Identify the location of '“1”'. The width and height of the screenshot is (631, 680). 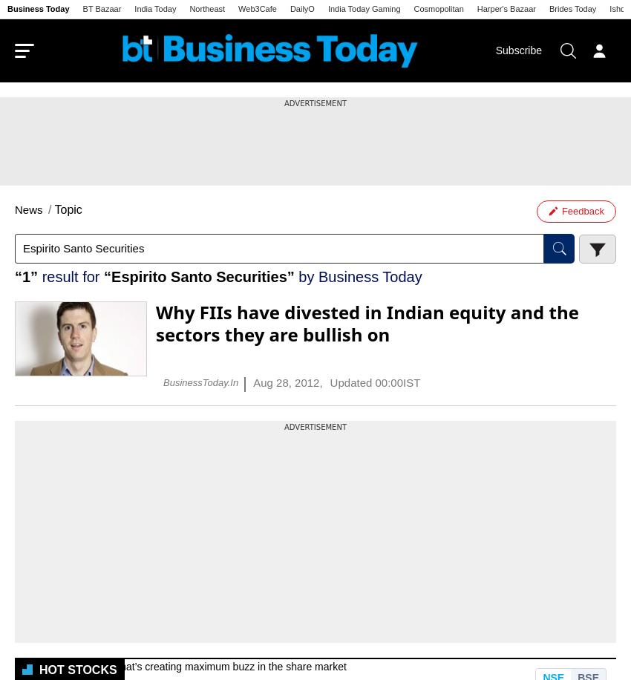
(25, 275).